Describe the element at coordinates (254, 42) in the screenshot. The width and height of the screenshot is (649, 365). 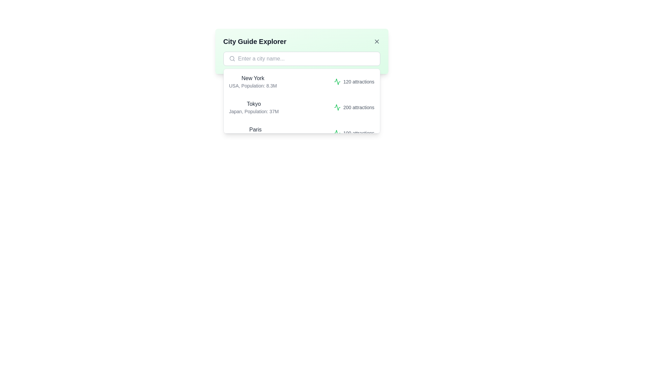
I see `the Text label that serves as the title or header for the card interface, positioned at the top-left corner and centrally aligned horizontally within the card` at that location.